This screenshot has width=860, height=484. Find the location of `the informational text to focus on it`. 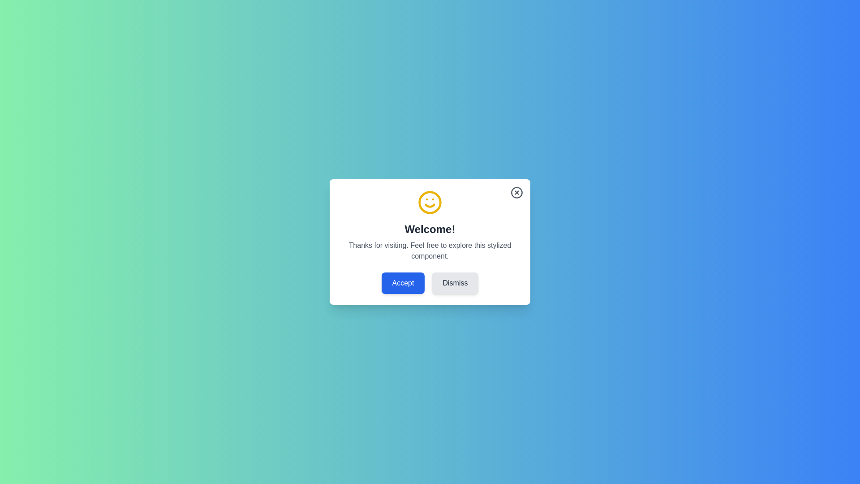

the informational text to focus on it is located at coordinates (430, 229).